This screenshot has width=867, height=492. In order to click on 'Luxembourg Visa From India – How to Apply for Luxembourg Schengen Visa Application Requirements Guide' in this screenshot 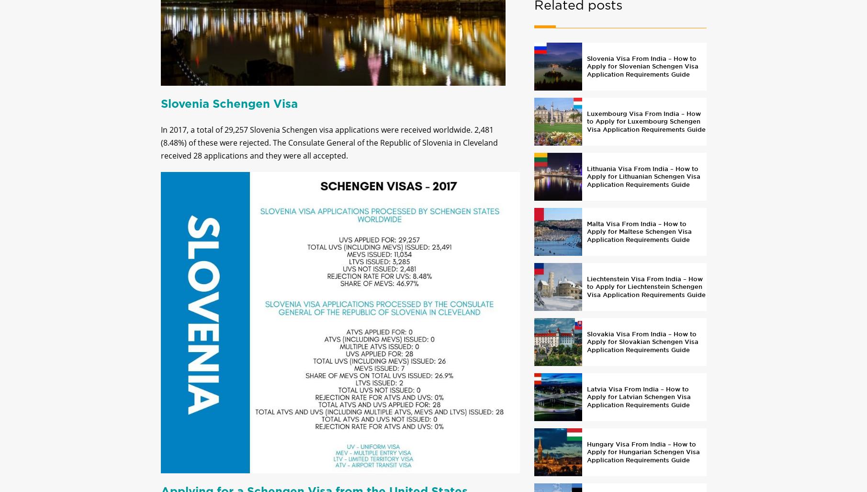, I will do `click(645, 129)`.